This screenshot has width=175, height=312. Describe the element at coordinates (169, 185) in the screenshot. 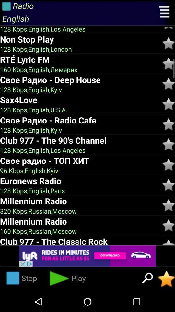

I see `the rating` at that location.